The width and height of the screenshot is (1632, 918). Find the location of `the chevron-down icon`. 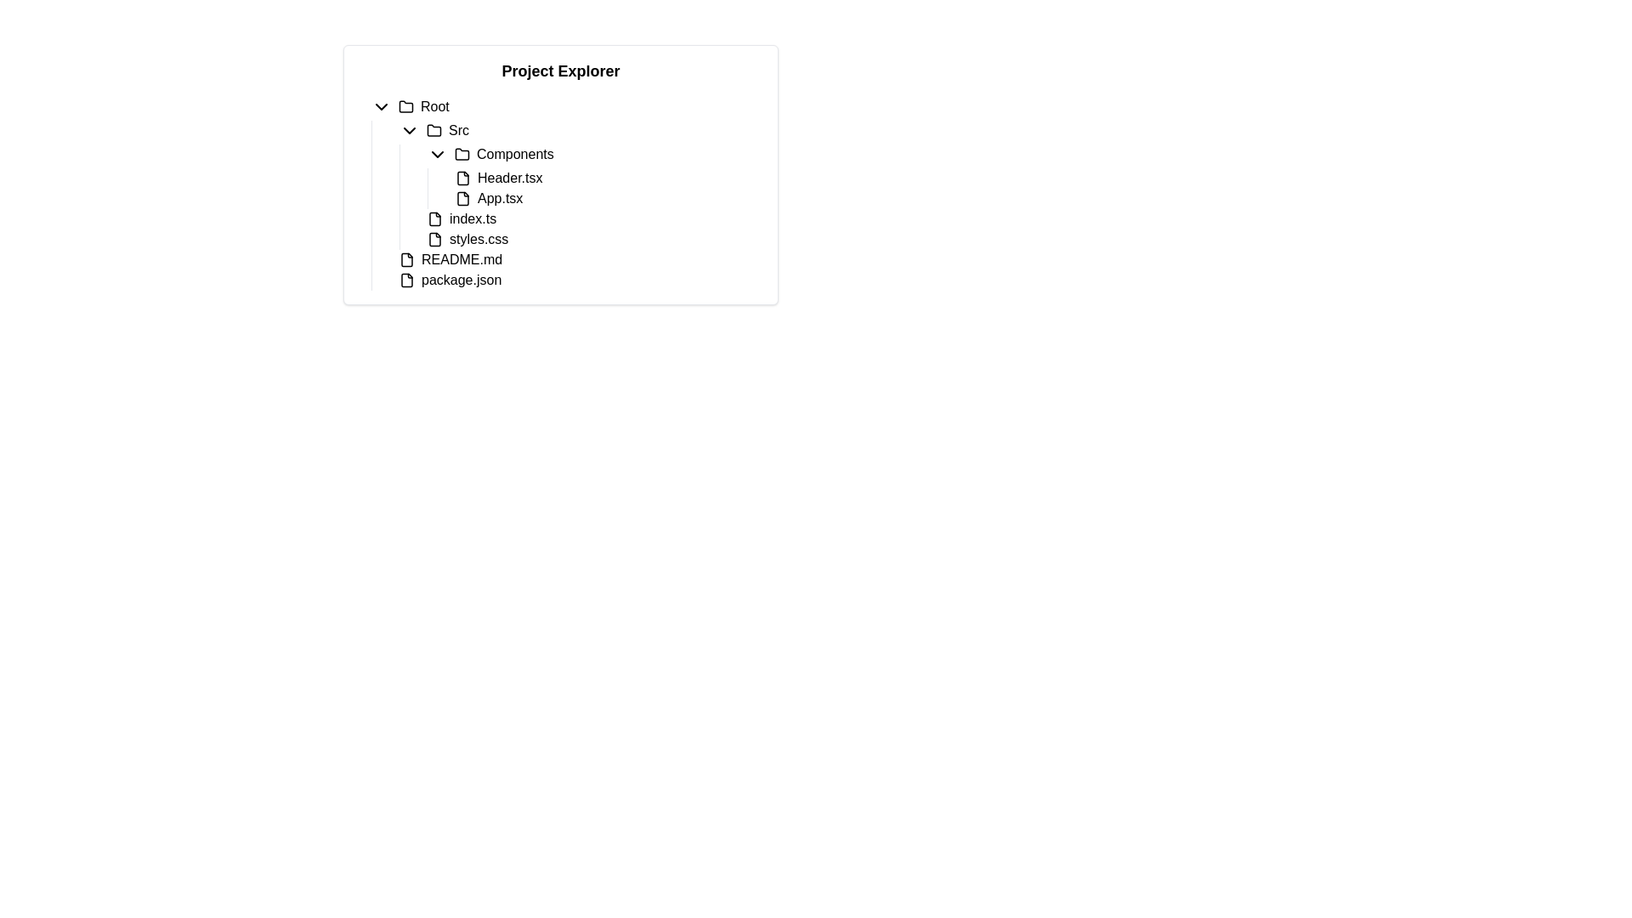

the chevron-down icon is located at coordinates (381, 107).